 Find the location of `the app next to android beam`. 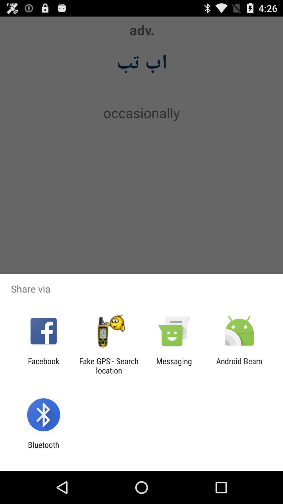

the app next to android beam is located at coordinates (174, 365).